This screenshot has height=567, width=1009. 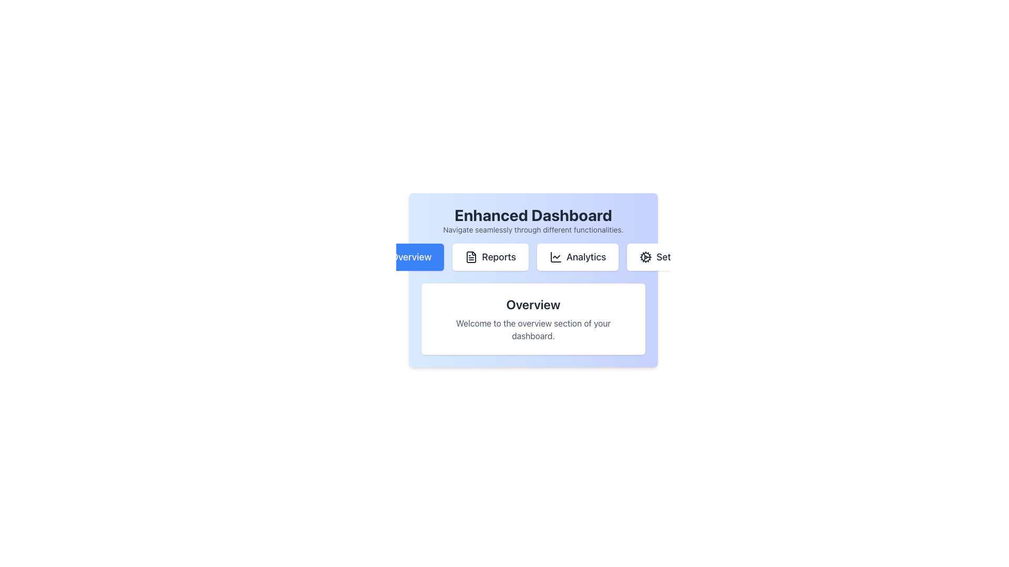 I want to click on the 'Reports' icon in the navigation interface, which is positioned between the 'Overview' and 'Analytics' buttons, so click(x=471, y=257).